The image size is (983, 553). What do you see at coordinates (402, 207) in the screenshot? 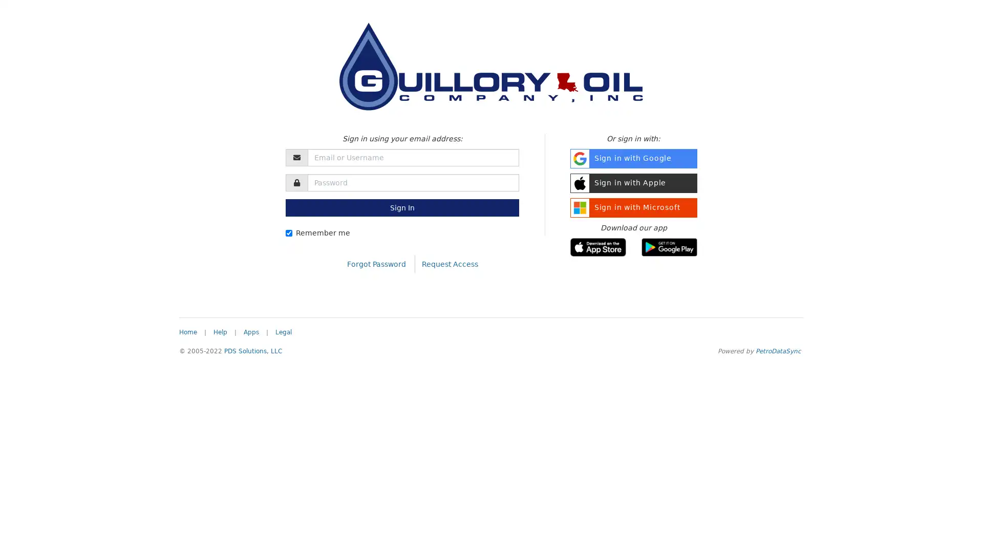
I see `Sign In` at bounding box center [402, 207].